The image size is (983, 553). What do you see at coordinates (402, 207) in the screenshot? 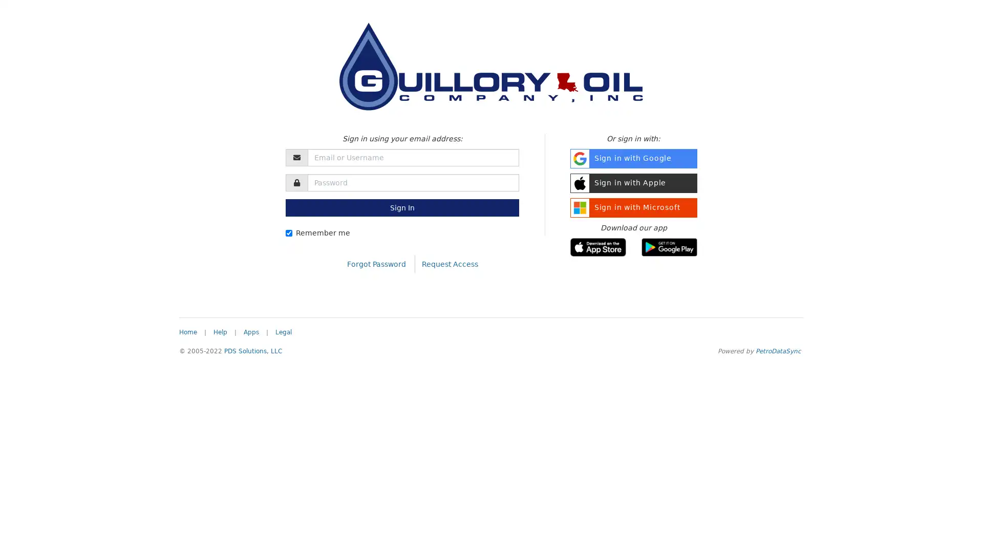
I see `Sign In` at bounding box center [402, 207].